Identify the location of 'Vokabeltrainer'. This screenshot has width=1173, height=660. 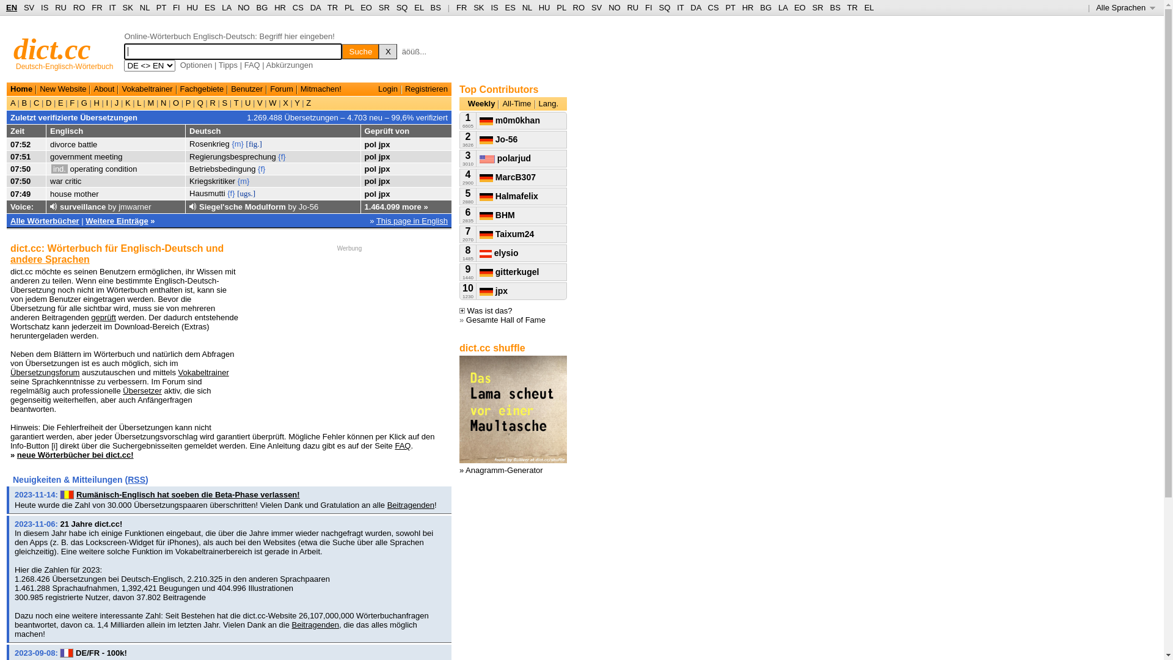
(203, 372).